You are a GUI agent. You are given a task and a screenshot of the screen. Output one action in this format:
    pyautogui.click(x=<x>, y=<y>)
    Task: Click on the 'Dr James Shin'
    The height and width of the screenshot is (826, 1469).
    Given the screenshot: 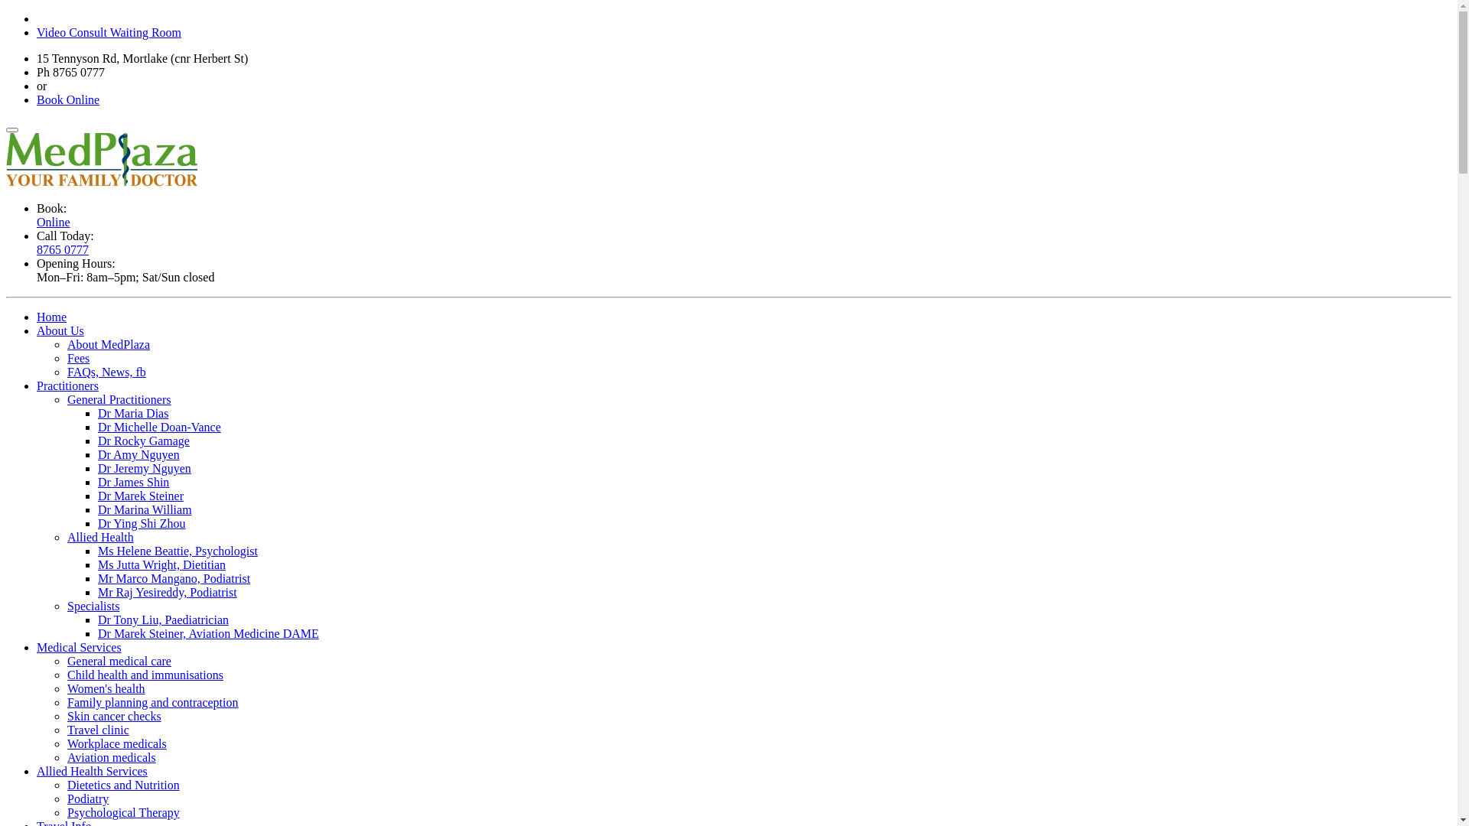 What is the action you would take?
    pyautogui.click(x=97, y=482)
    